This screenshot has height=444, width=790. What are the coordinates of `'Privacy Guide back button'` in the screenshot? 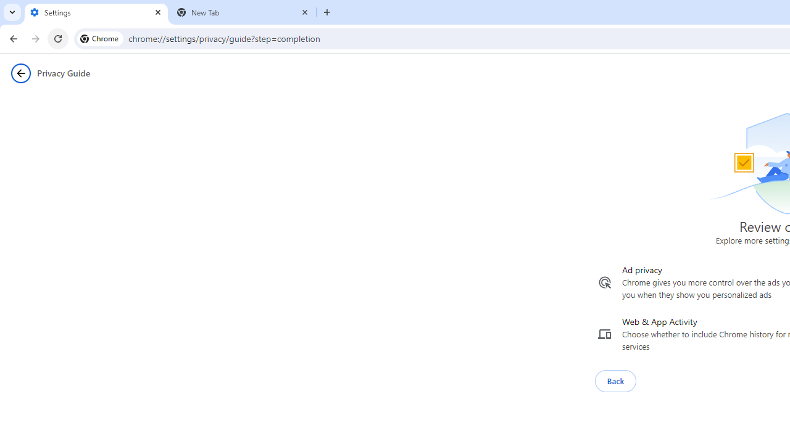 It's located at (20, 73).